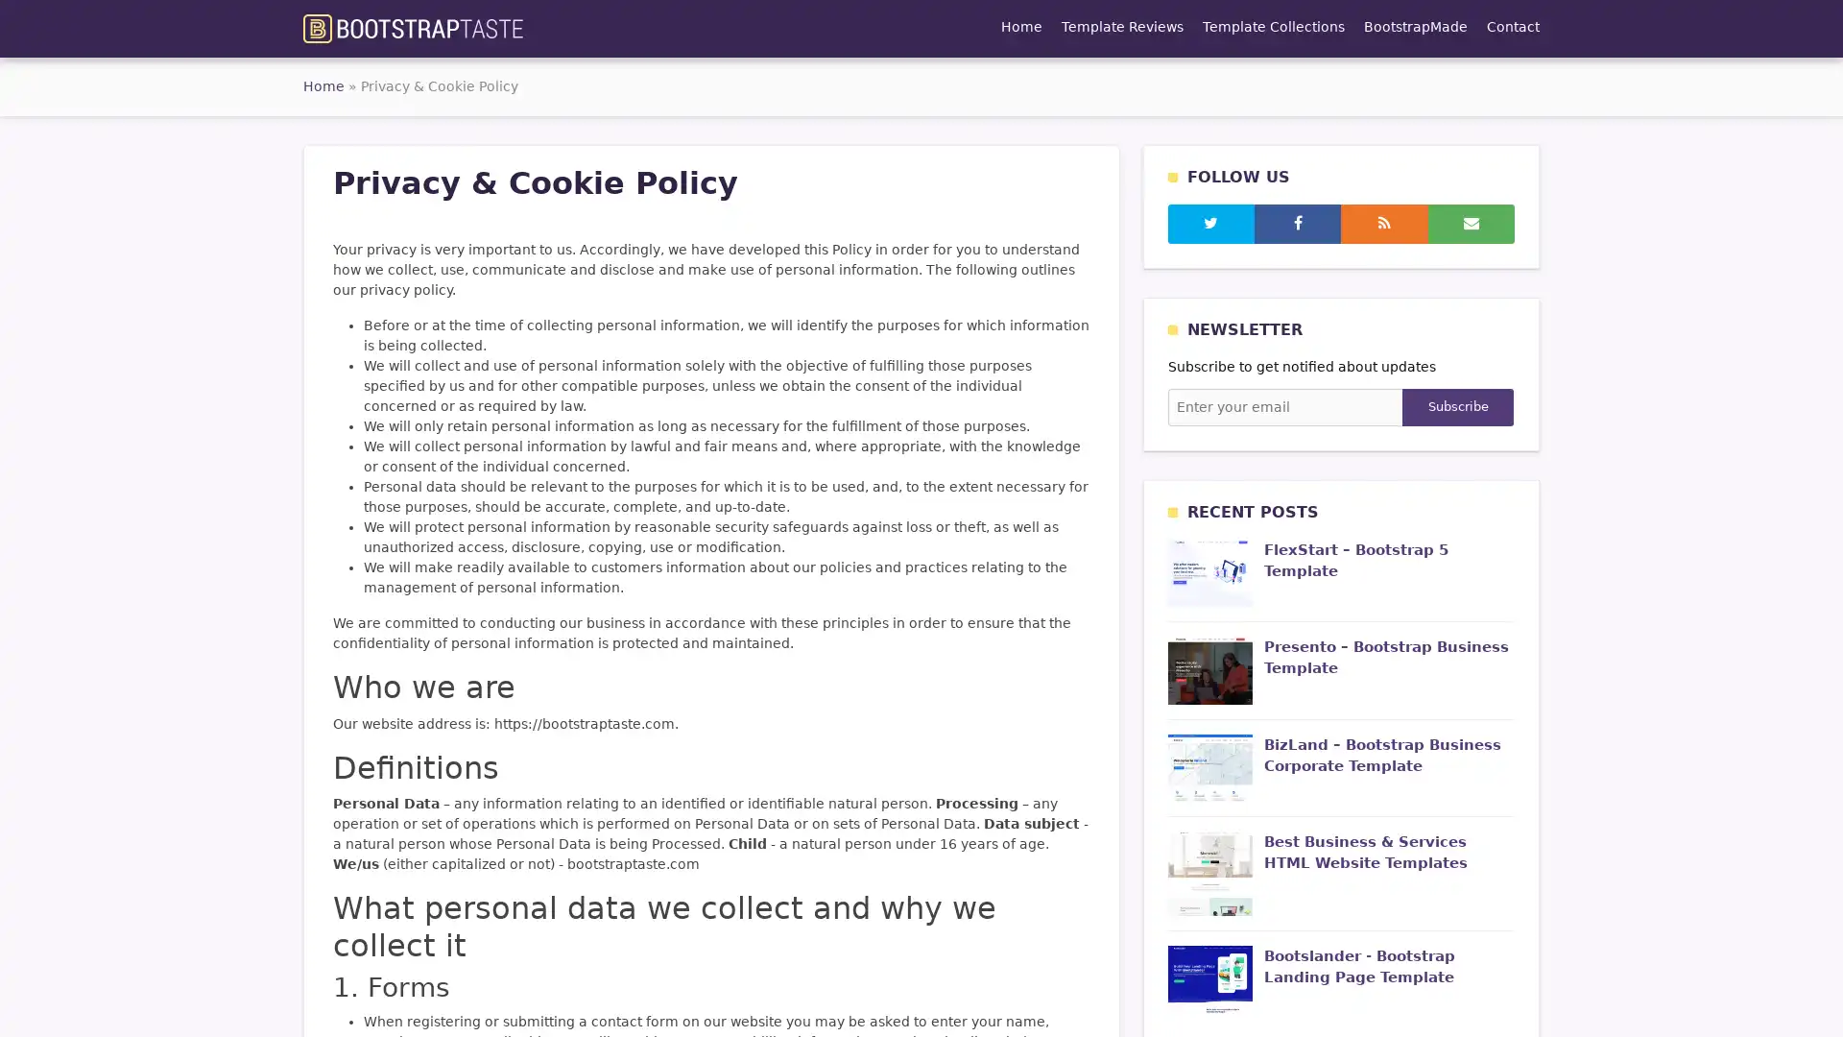 The image size is (1843, 1037). Describe the element at coordinates (1457, 406) in the screenshot. I see `Subscribe` at that location.